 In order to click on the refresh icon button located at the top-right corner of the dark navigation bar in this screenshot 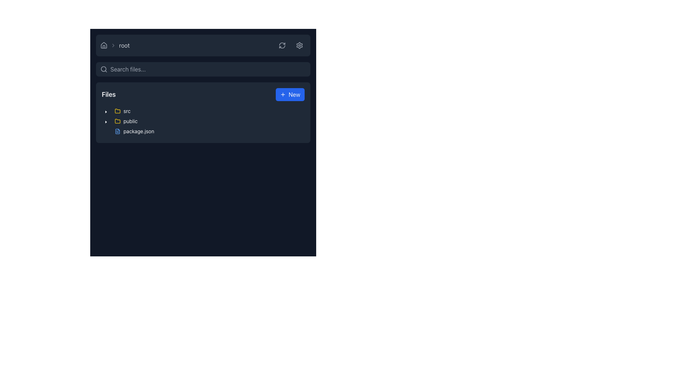, I will do `click(282, 45)`.